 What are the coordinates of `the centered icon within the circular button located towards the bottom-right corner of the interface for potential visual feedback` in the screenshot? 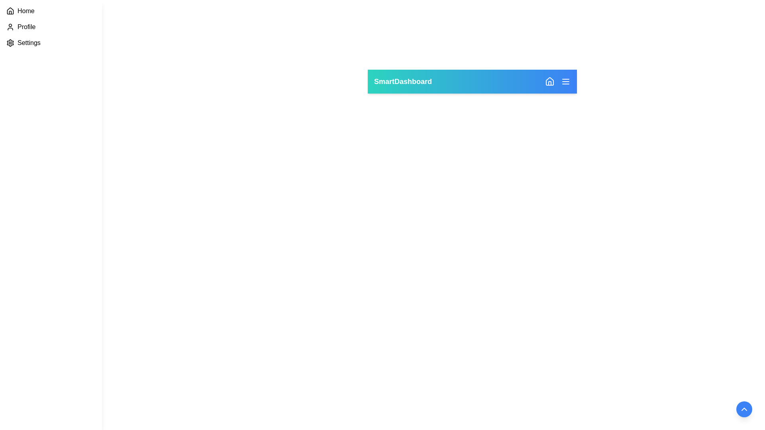 It's located at (743, 409).